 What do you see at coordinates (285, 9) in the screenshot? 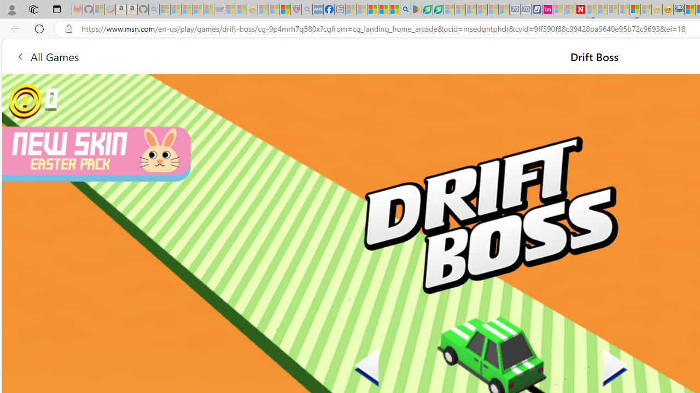
I see `'Local - MSN'` at bounding box center [285, 9].